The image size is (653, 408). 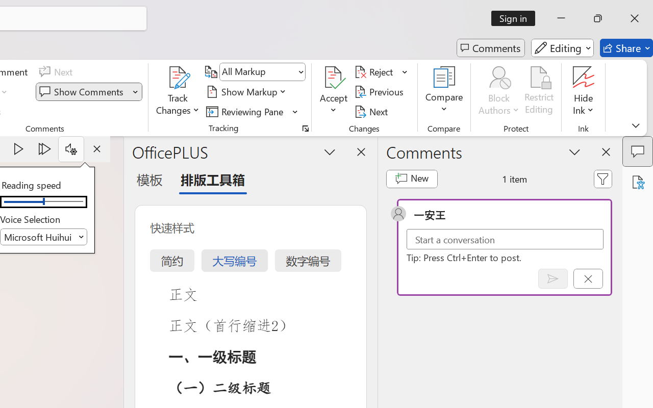 What do you see at coordinates (552, 278) in the screenshot?
I see `'Post comment (Ctrl + Enter)'` at bounding box center [552, 278].